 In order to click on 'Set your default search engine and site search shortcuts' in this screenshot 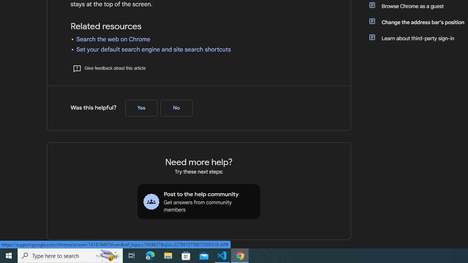, I will do `click(153, 49)`.